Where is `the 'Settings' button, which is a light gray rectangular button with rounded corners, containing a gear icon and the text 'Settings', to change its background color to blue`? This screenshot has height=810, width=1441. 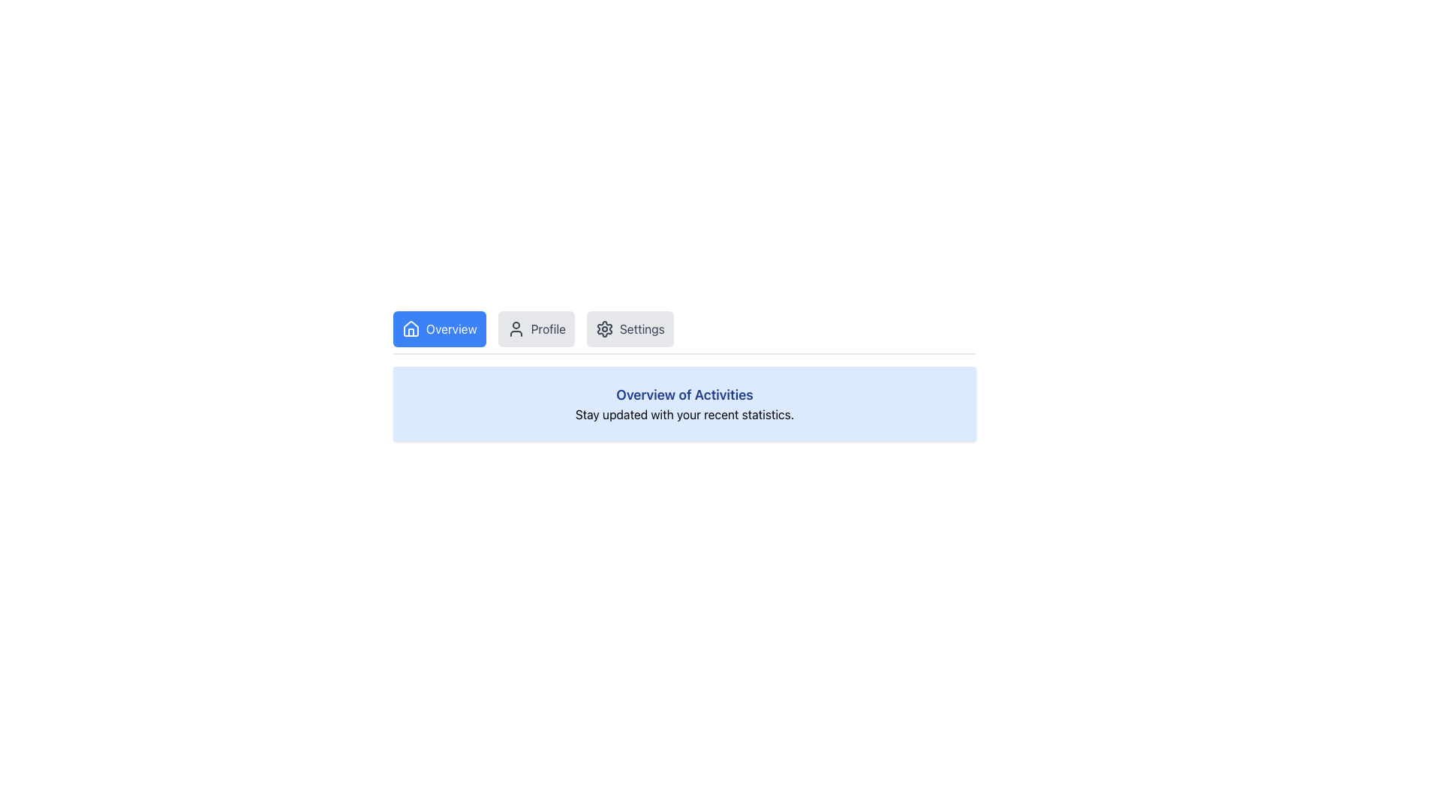 the 'Settings' button, which is a light gray rectangular button with rounded corners, containing a gear icon and the text 'Settings', to change its background color to blue is located at coordinates (630, 328).